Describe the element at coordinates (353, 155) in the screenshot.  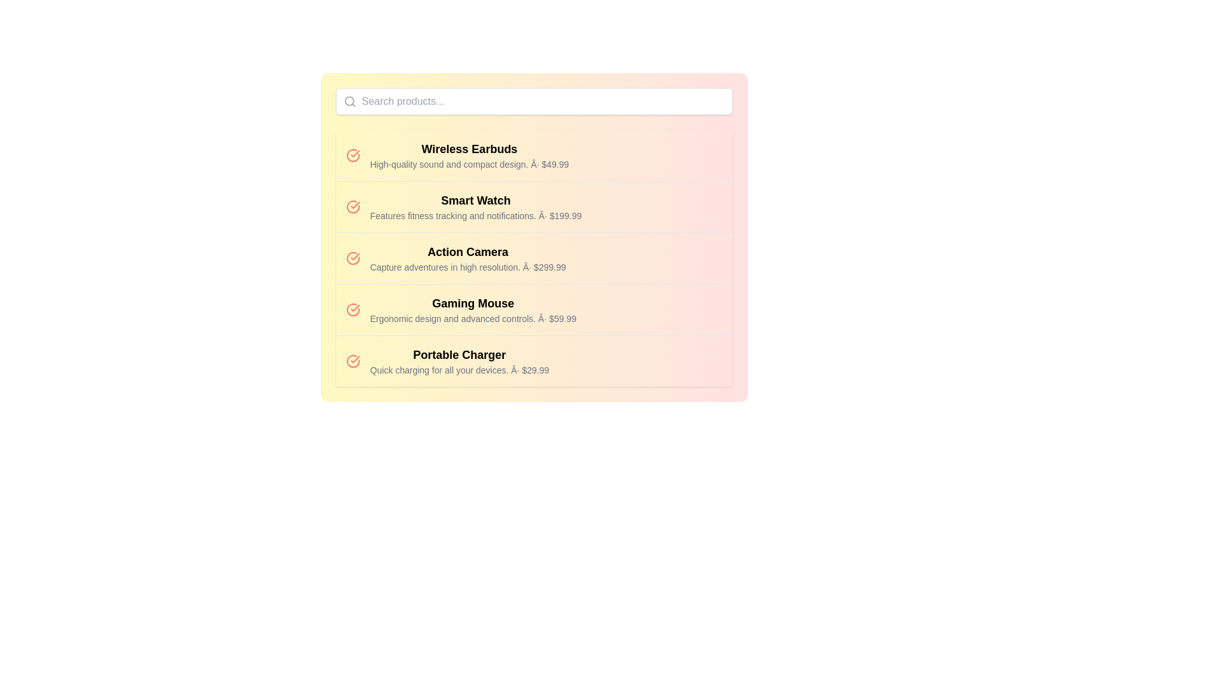
I see `the leading icon that indicates selection or confirmation for the product 'Wireless Earbuds', located to the left of the product description` at that location.